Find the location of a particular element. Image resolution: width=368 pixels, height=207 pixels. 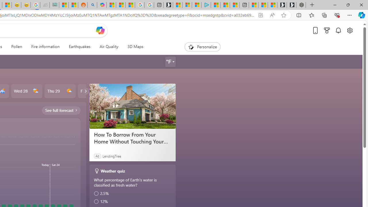

'Air Quality' is located at coordinates (109, 47).